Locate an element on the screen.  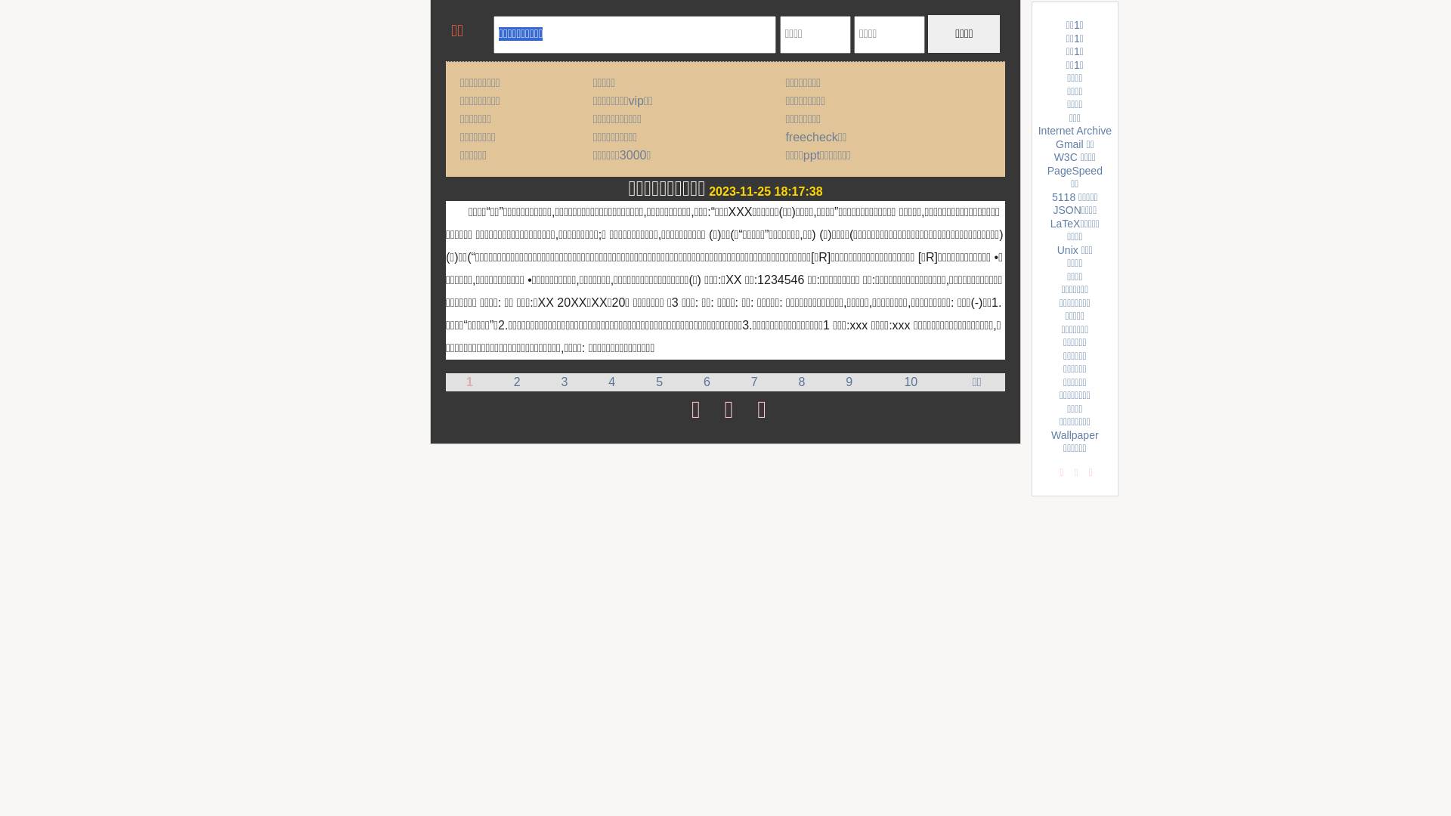
'Internet Archive' is located at coordinates (1074, 130).